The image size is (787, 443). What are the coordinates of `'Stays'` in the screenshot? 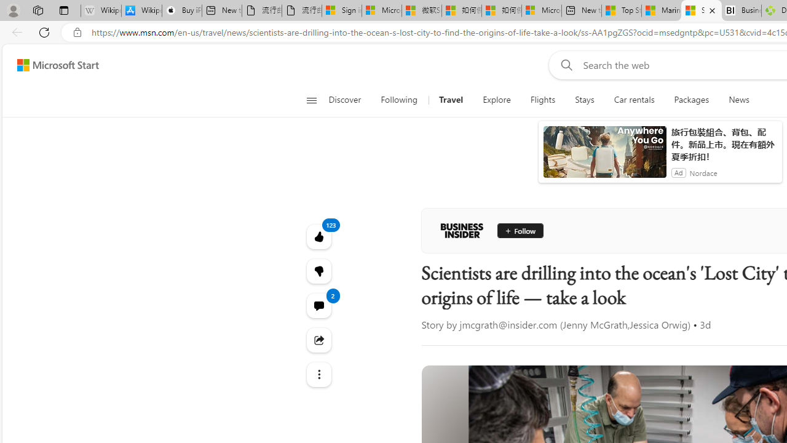 It's located at (584, 100).